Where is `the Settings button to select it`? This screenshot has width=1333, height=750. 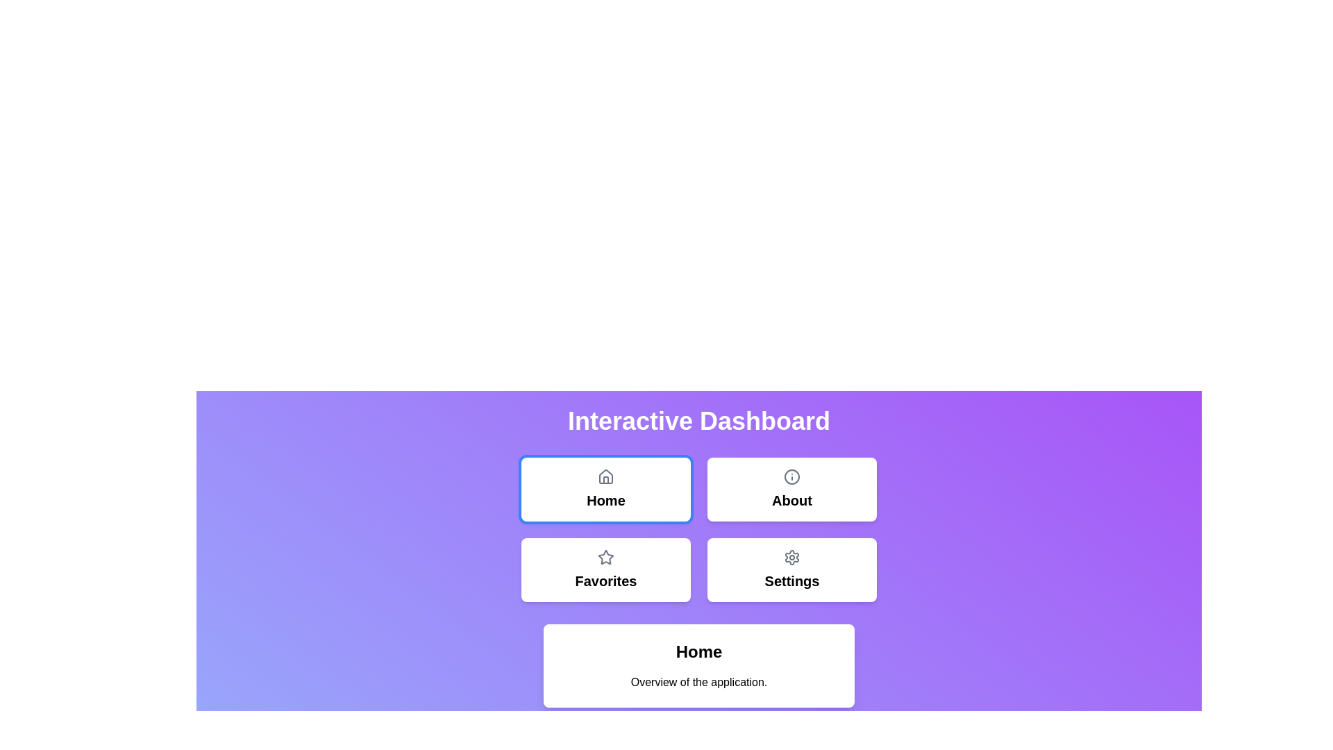
the Settings button to select it is located at coordinates (792, 570).